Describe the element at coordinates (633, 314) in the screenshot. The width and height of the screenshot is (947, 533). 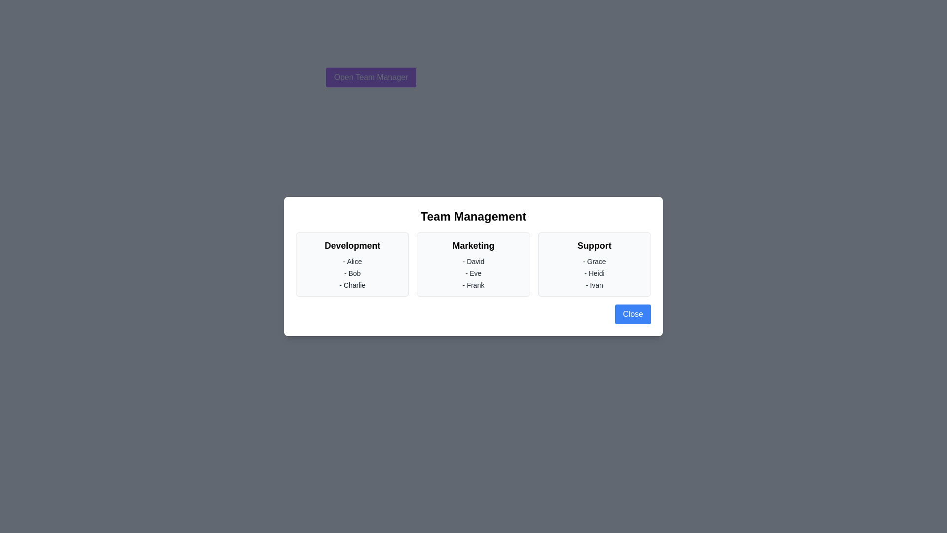
I see `the 'Close' button to close the dialog` at that location.